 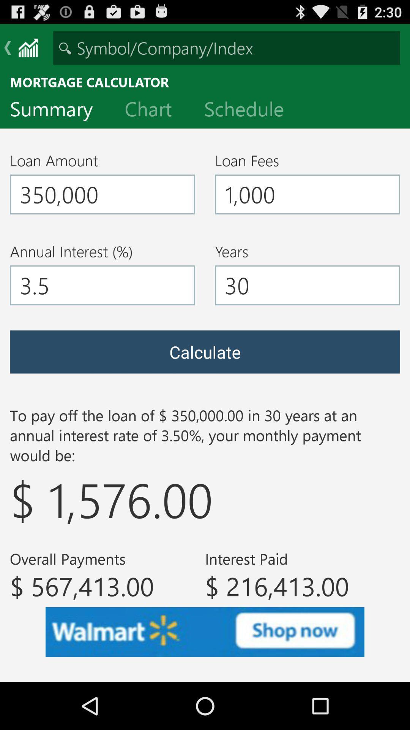 What do you see at coordinates (226, 47) in the screenshot?
I see `either symbol company or index` at bounding box center [226, 47].